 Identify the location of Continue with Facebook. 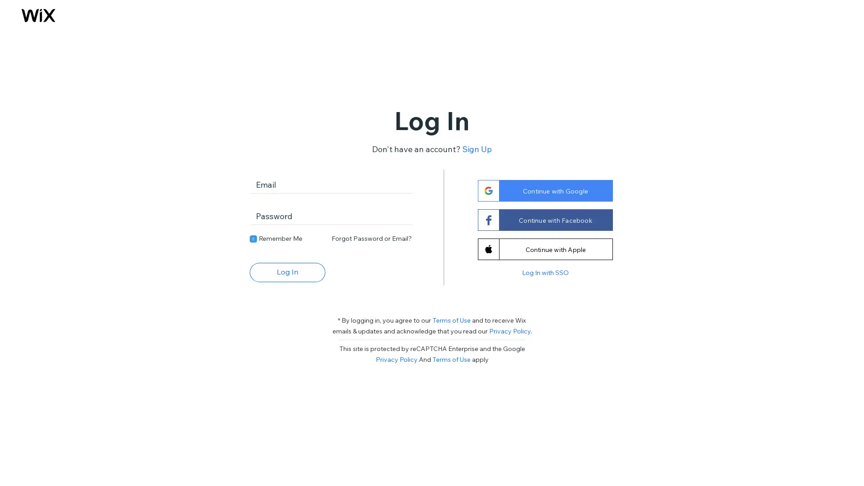
(544, 220).